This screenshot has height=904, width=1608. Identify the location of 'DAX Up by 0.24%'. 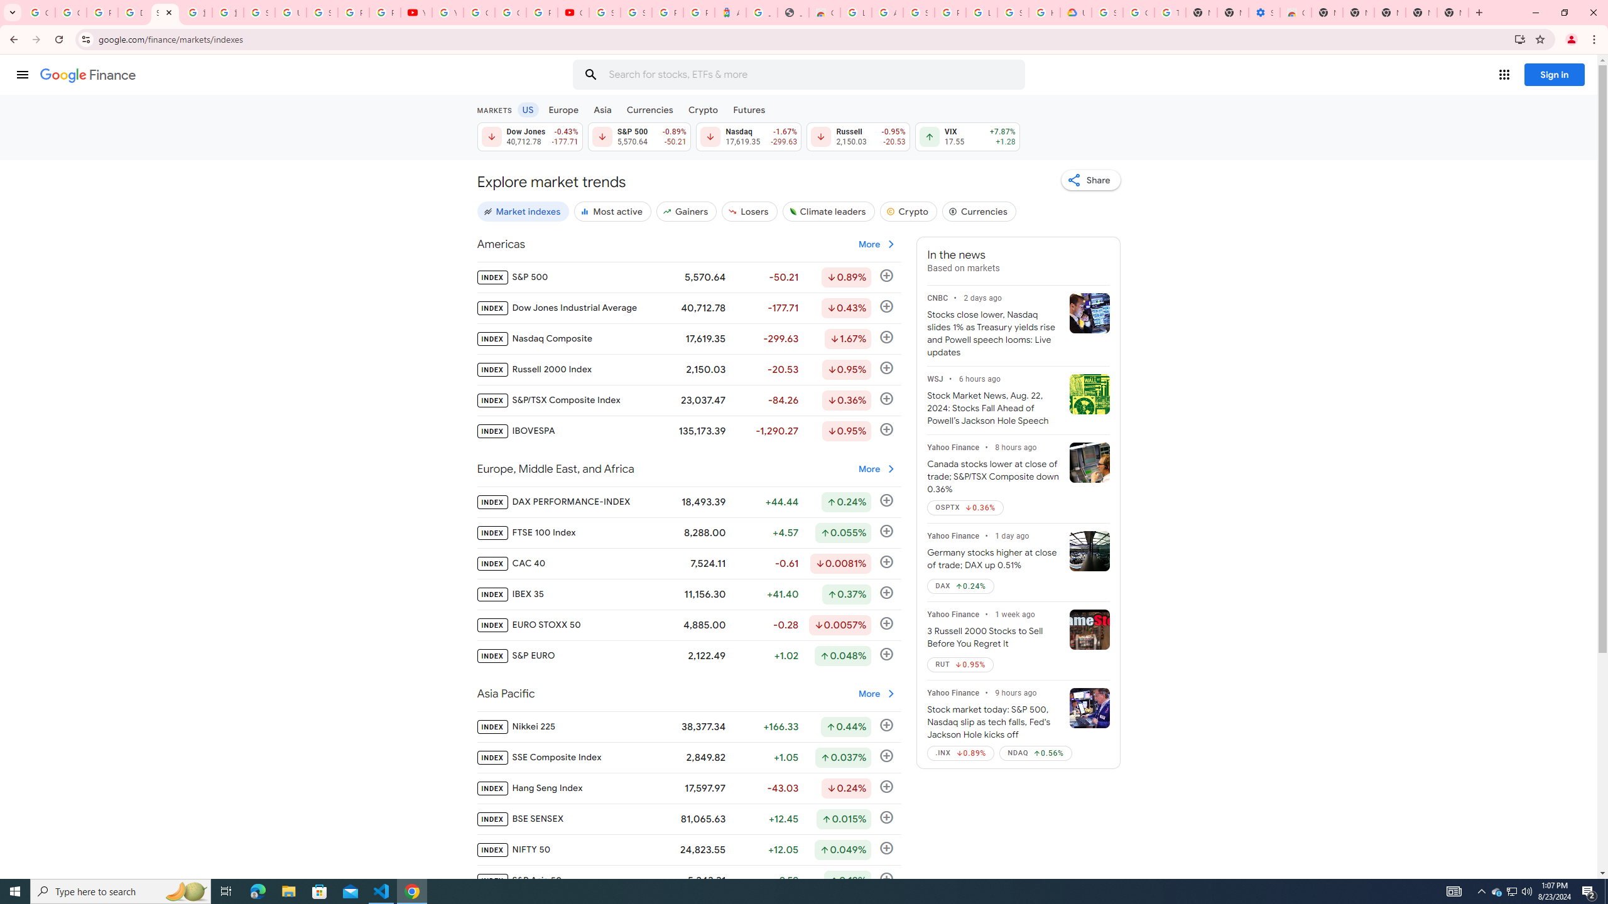
(960, 585).